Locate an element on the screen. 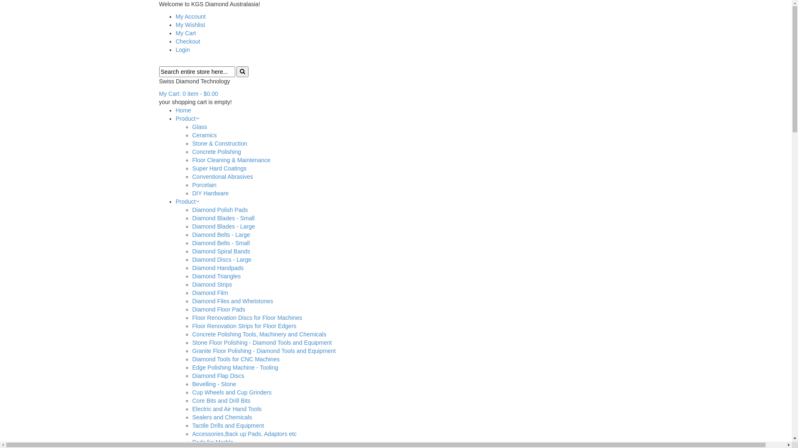 This screenshot has width=798, height=448. 'My Cart' is located at coordinates (185, 33).